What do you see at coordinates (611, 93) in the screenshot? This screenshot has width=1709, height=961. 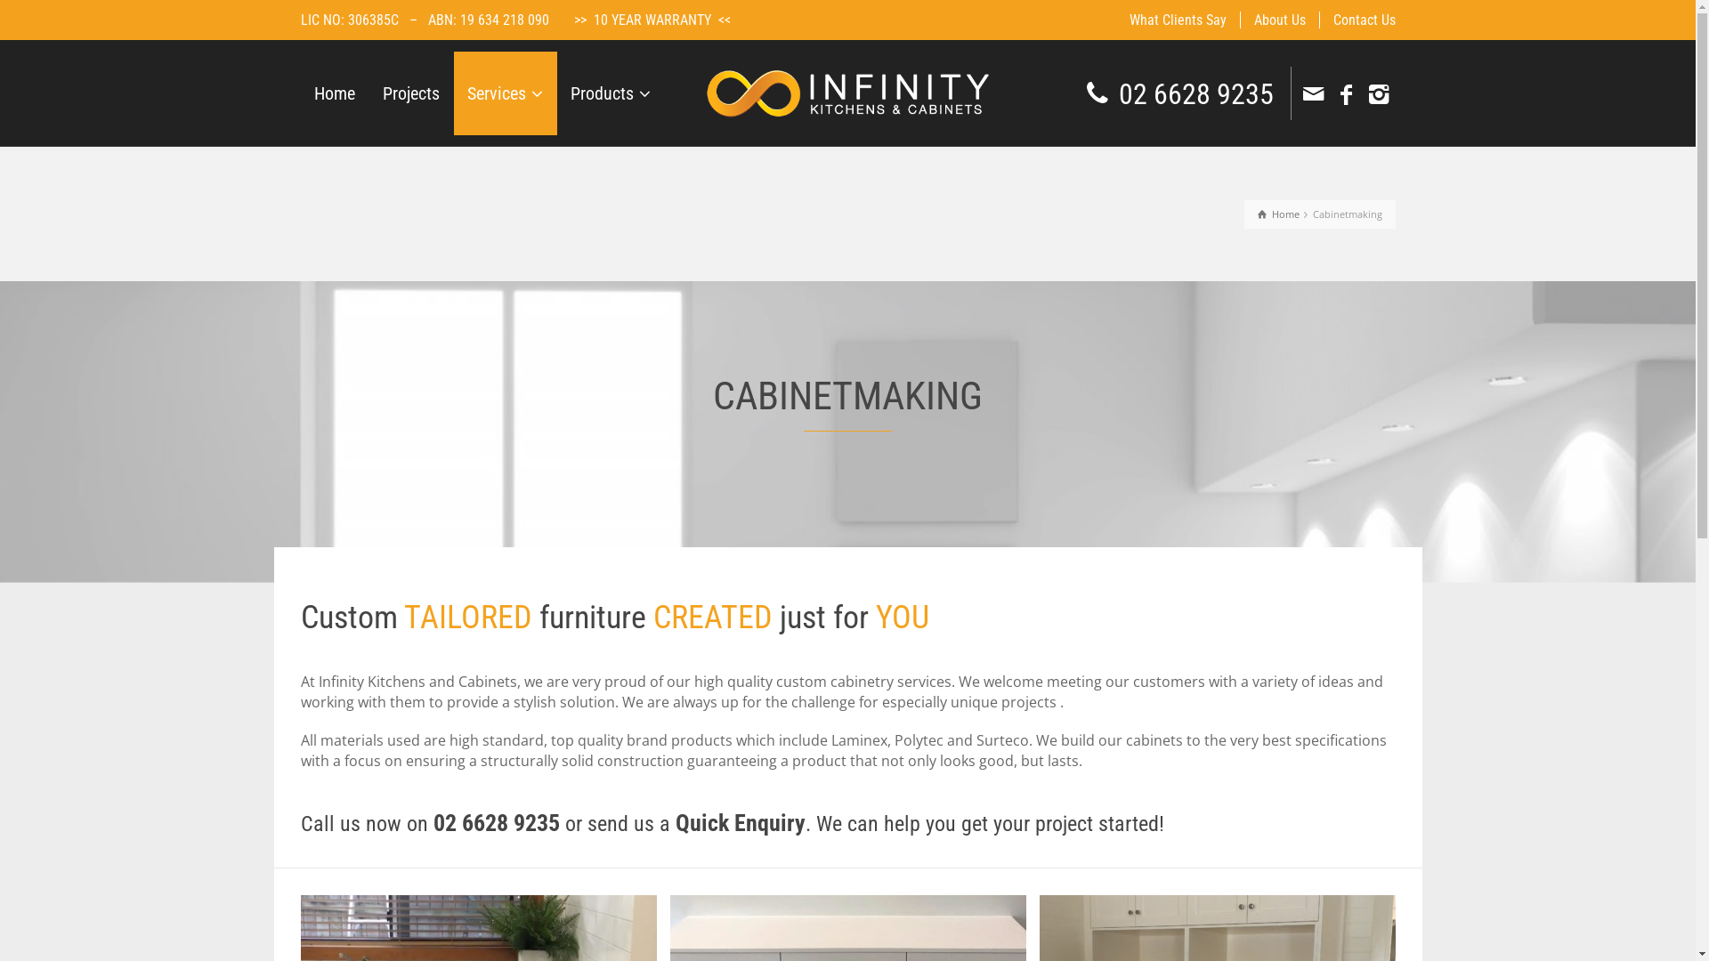 I see `'Products'` at bounding box center [611, 93].